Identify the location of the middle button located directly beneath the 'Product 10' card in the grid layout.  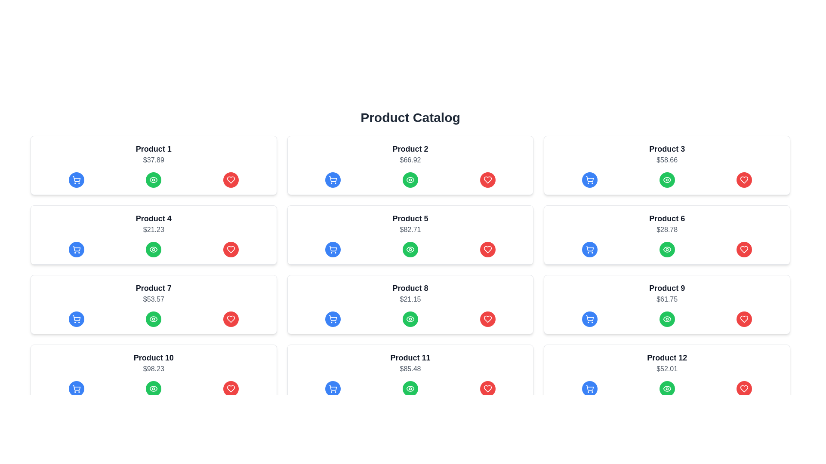
(154, 389).